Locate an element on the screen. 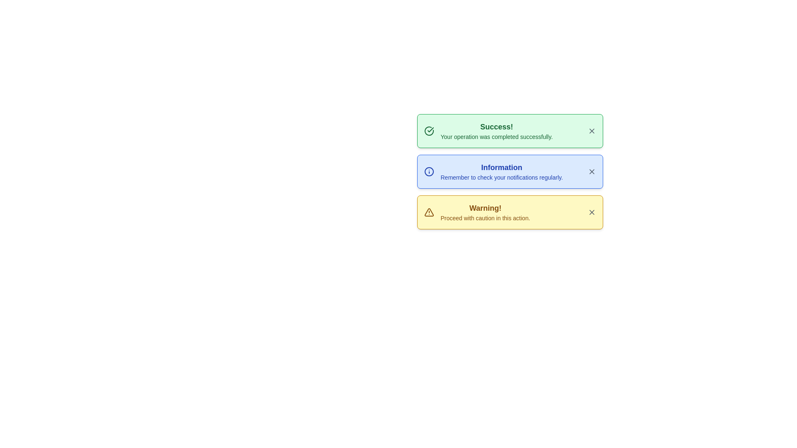 The width and height of the screenshot is (797, 448). the diagonal cross icon located in the notification panel is located at coordinates (591, 212).